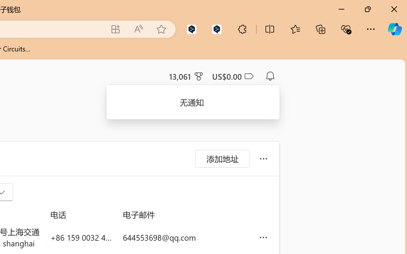 Image resolution: width=407 pixels, height=254 pixels. Describe the element at coordinates (81, 237) in the screenshot. I see `'+86 159 0032 4640'` at that location.